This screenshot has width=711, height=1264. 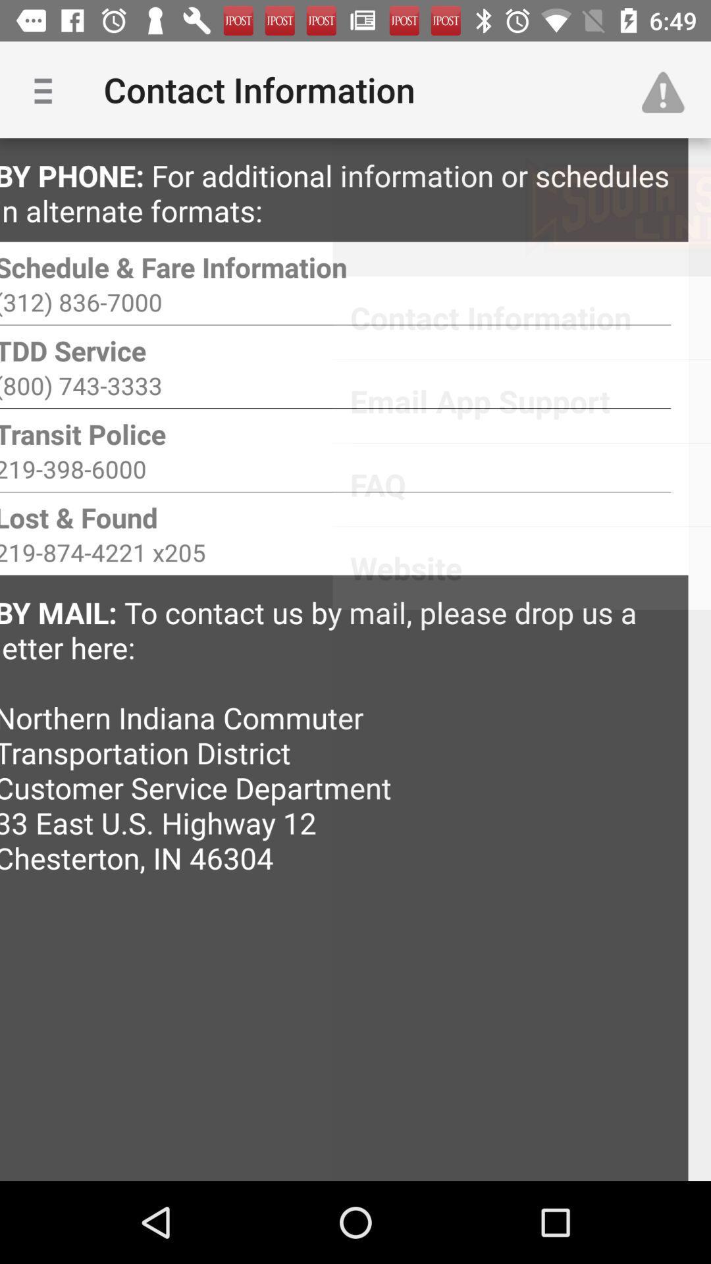 I want to click on app next to contact information icon, so click(x=47, y=89).